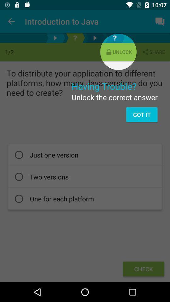 The height and width of the screenshot is (302, 170). What do you see at coordinates (114, 38) in the screenshot?
I see `open help` at bounding box center [114, 38].